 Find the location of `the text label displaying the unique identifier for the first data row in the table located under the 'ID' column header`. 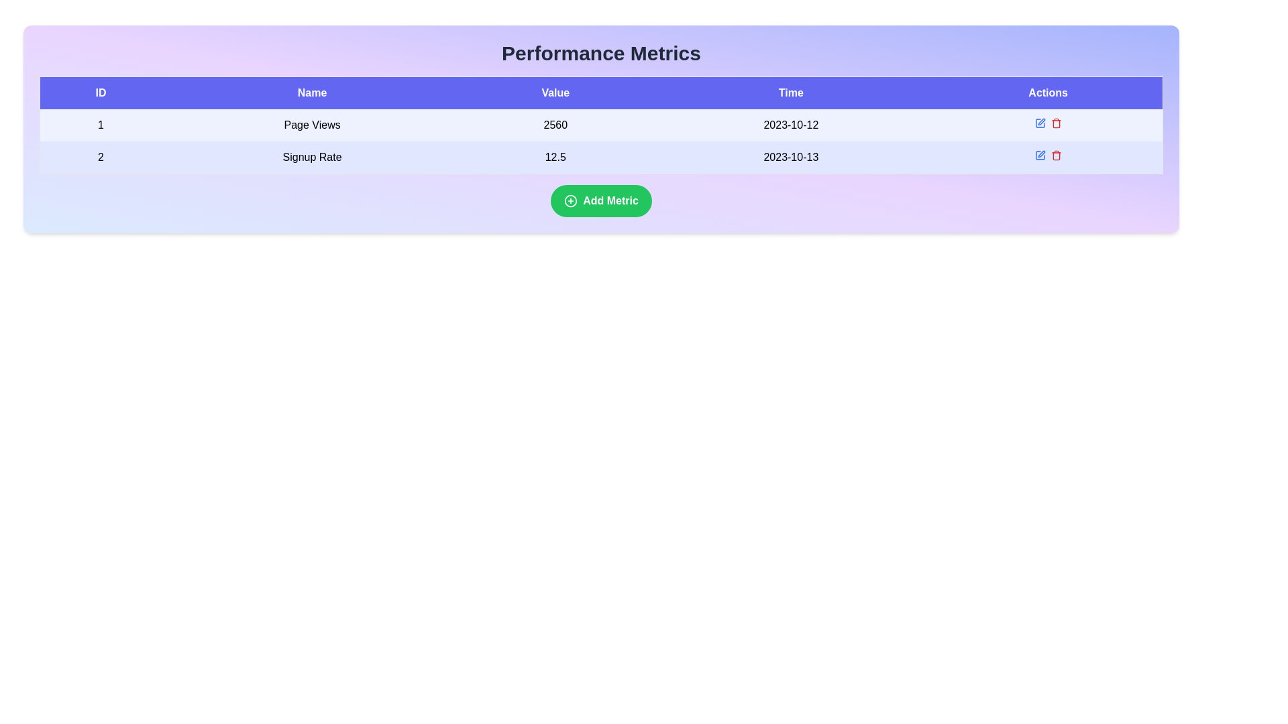

the text label displaying the unique identifier for the first data row in the table located under the 'ID' column header is located at coordinates (100, 125).